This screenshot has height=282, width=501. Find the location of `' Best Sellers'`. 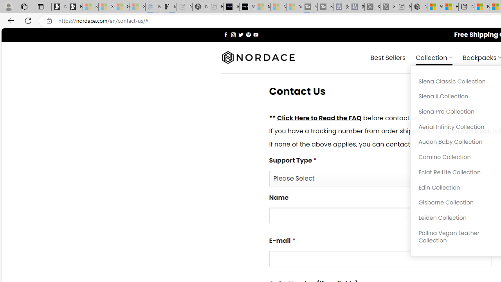

' Best Sellers' is located at coordinates (388, 57).